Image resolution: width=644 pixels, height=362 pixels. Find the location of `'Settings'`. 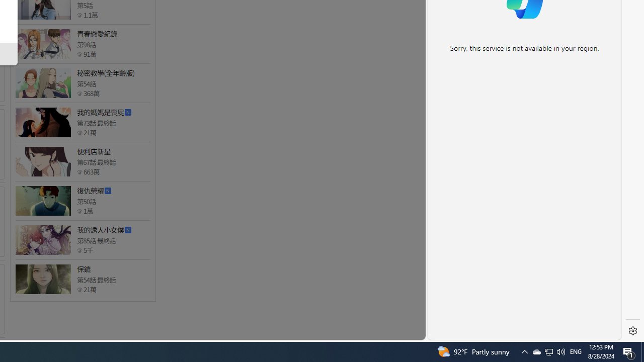

'Settings' is located at coordinates (632, 331).